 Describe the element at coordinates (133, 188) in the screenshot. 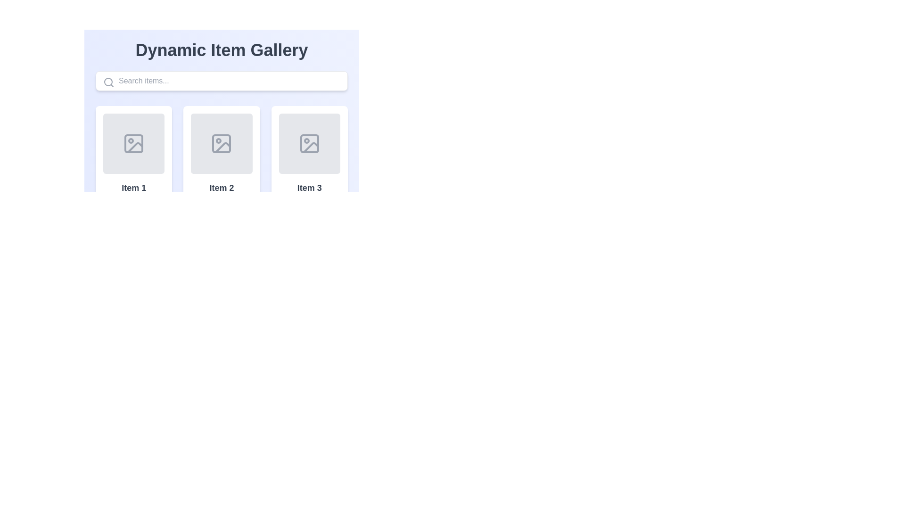

I see `the text label displaying 'Item 1' in bold, dark gray font, which is located in the first card of a series of horizontally displayed cards` at that location.